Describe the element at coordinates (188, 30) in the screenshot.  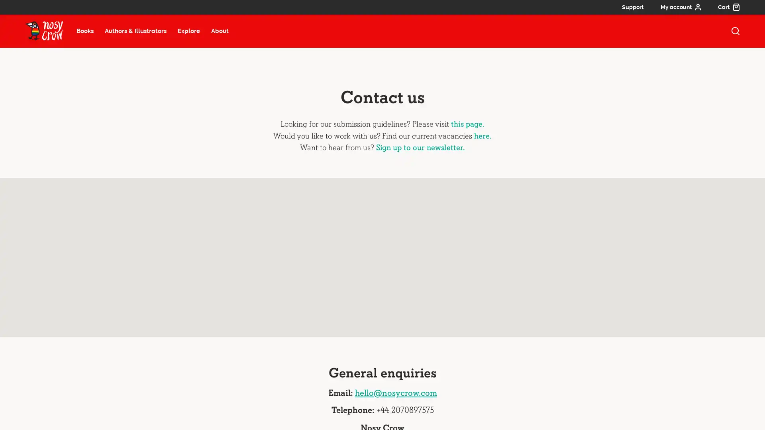
I see `Explore menu item, select to open explore submenu (6 items)` at that location.